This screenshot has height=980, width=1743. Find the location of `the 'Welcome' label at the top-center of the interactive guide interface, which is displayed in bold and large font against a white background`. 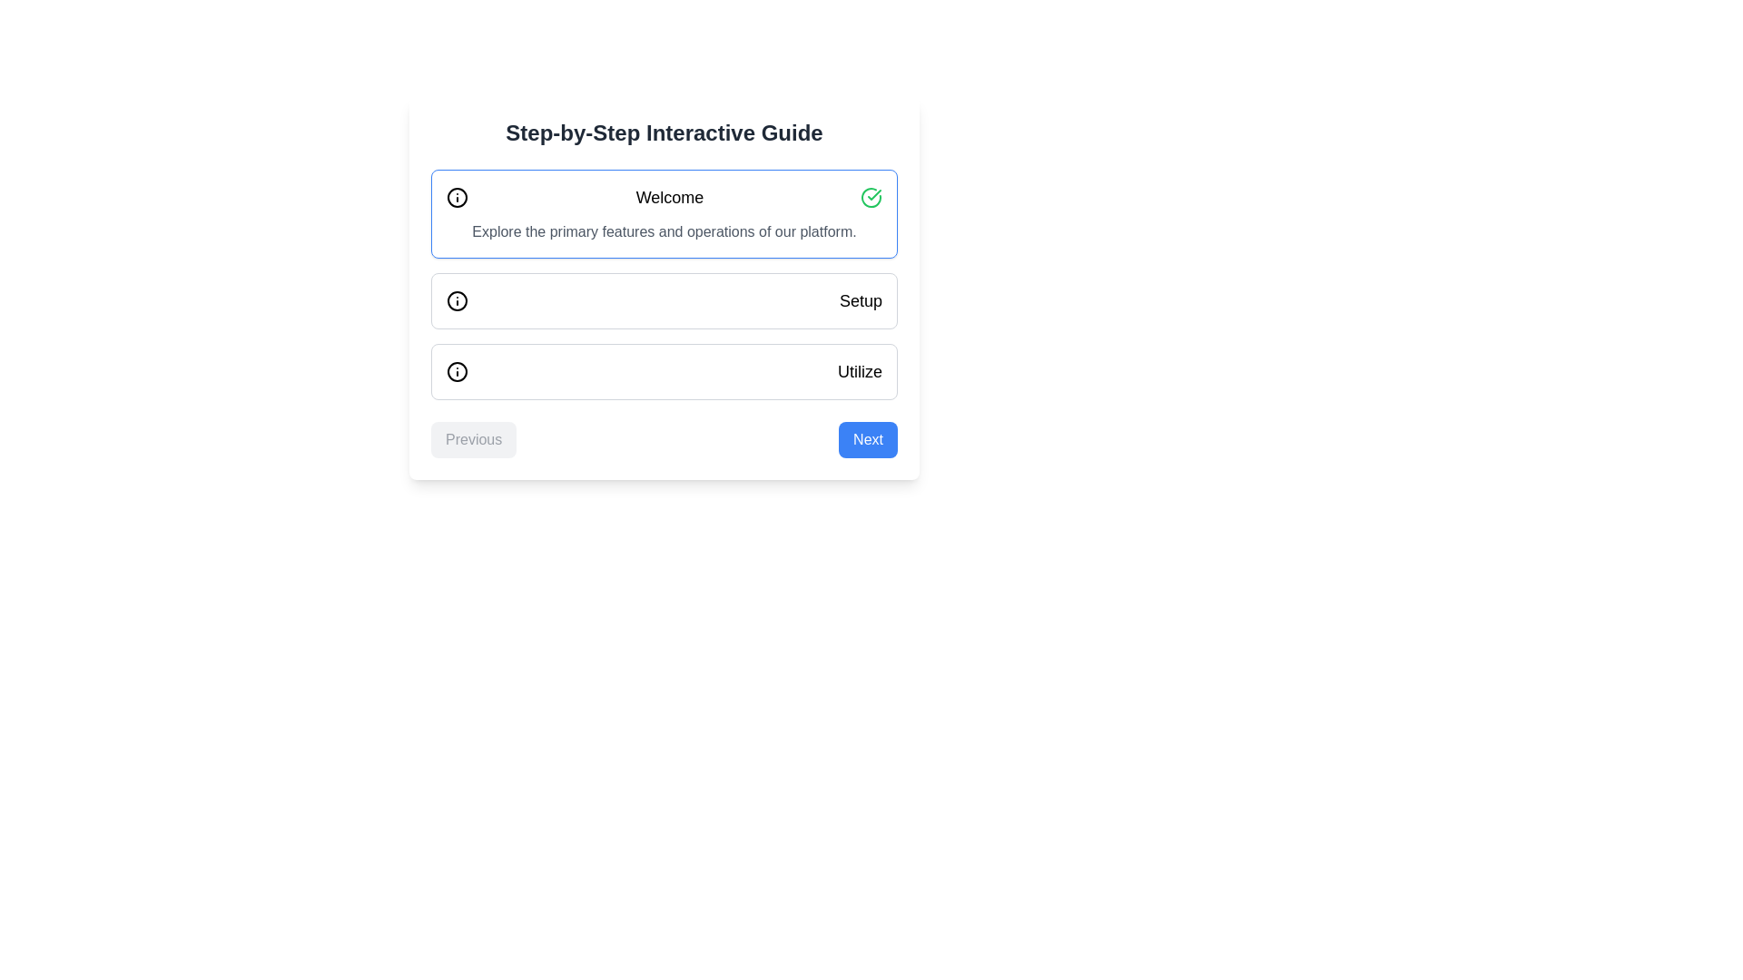

the 'Welcome' label at the top-center of the interactive guide interface, which is displayed in bold and large font against a white background is located at coordinates (669, 198).